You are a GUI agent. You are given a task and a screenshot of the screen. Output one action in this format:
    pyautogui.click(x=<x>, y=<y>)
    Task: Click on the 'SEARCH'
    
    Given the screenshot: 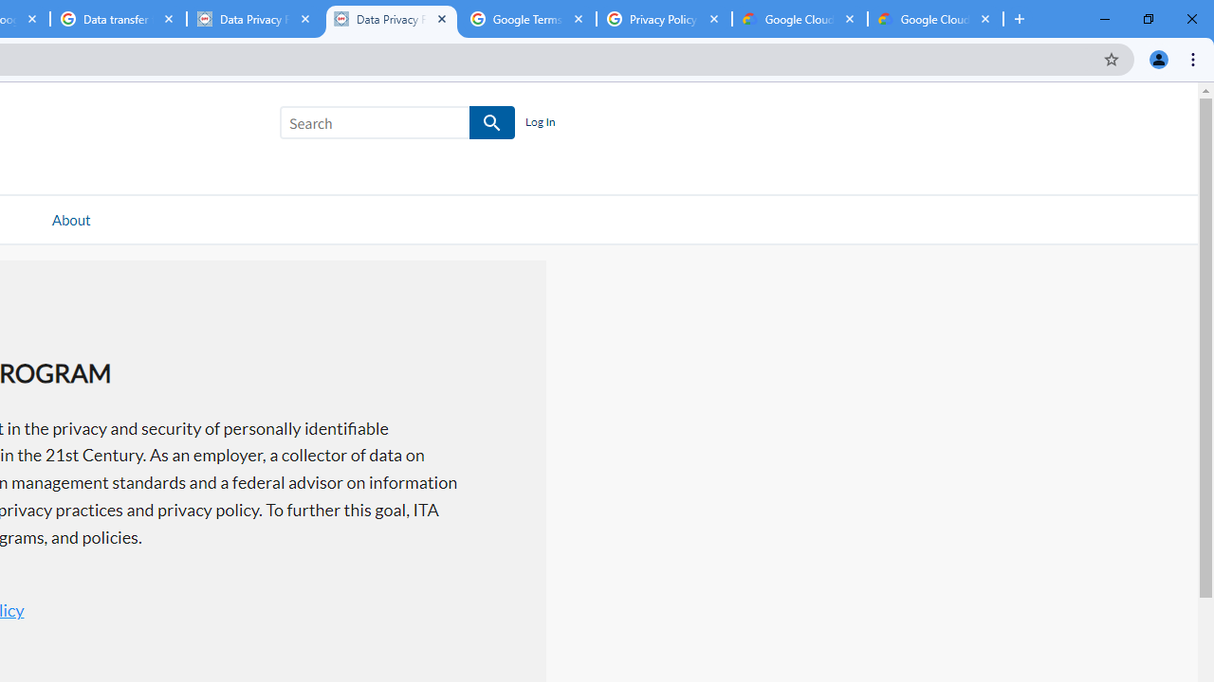 What is the action you would take?
    pyautogui.click(x=492, y=123)
    